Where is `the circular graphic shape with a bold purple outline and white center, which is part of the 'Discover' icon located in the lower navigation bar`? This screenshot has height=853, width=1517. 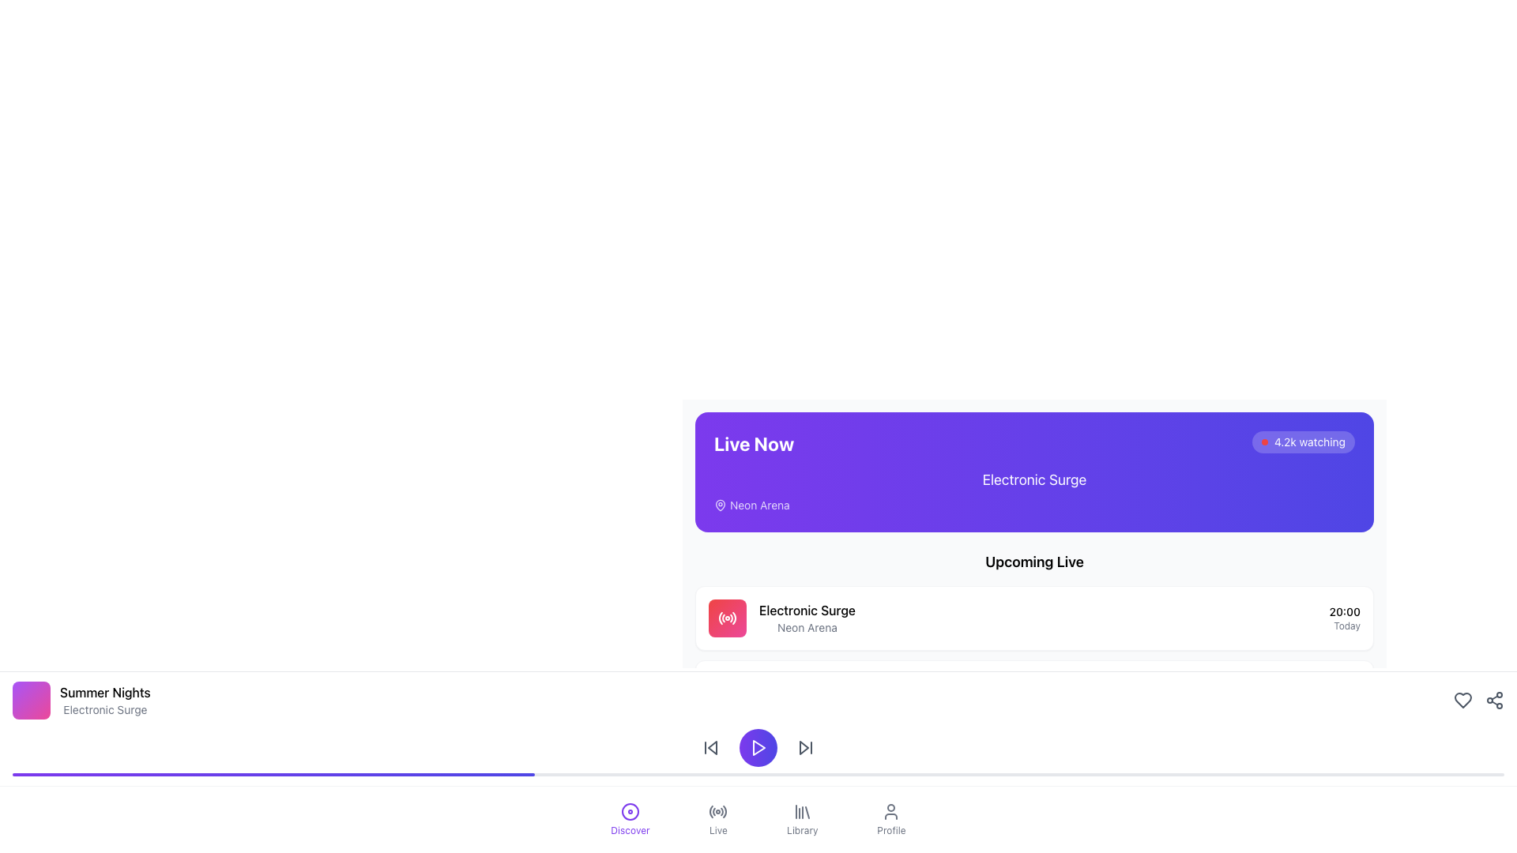
the circular graphic shape with a bold purple outline and white center, which is part of the 'Discover' icon located in the lower navigation bar is located at coordinates (629, 812).